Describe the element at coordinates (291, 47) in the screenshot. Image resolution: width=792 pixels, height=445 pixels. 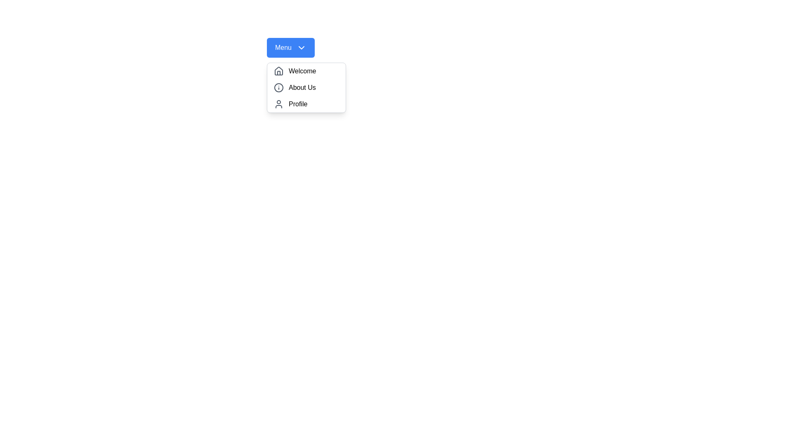
I see `the 'Menu' button to toggle the menu visibility` at that location.